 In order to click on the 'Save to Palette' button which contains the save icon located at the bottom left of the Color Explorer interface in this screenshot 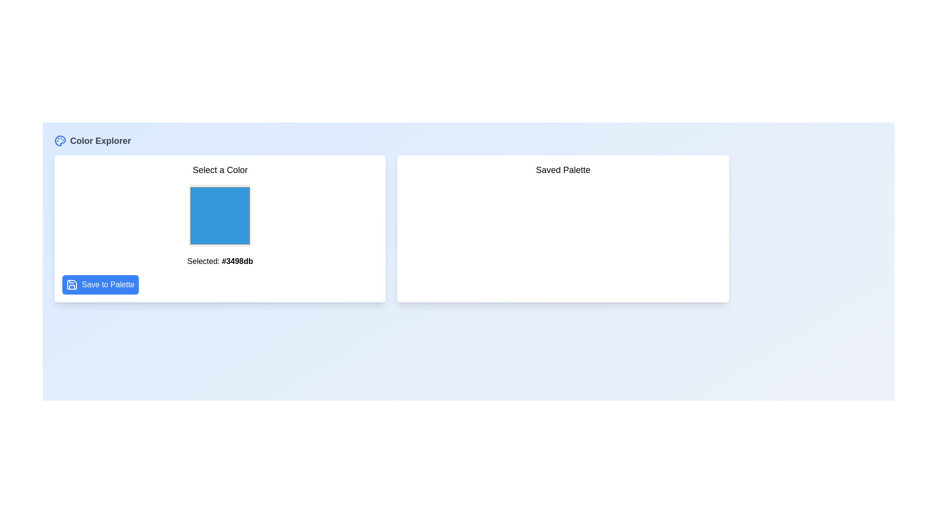, I will do `click(72, 284)`.